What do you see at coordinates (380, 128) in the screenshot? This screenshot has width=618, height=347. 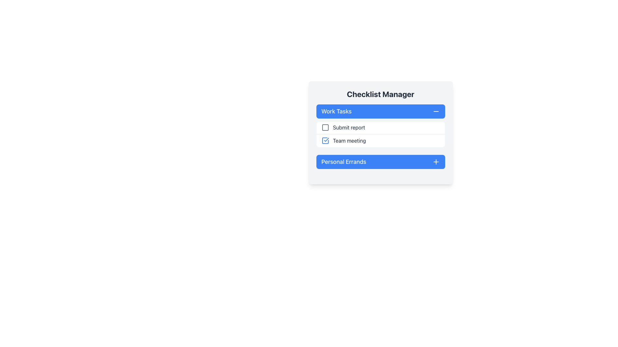 I see `the first checklist item in the 'Work Tasks' section of the 'Checklist Manager' interface` at bounding box center [380, 128].